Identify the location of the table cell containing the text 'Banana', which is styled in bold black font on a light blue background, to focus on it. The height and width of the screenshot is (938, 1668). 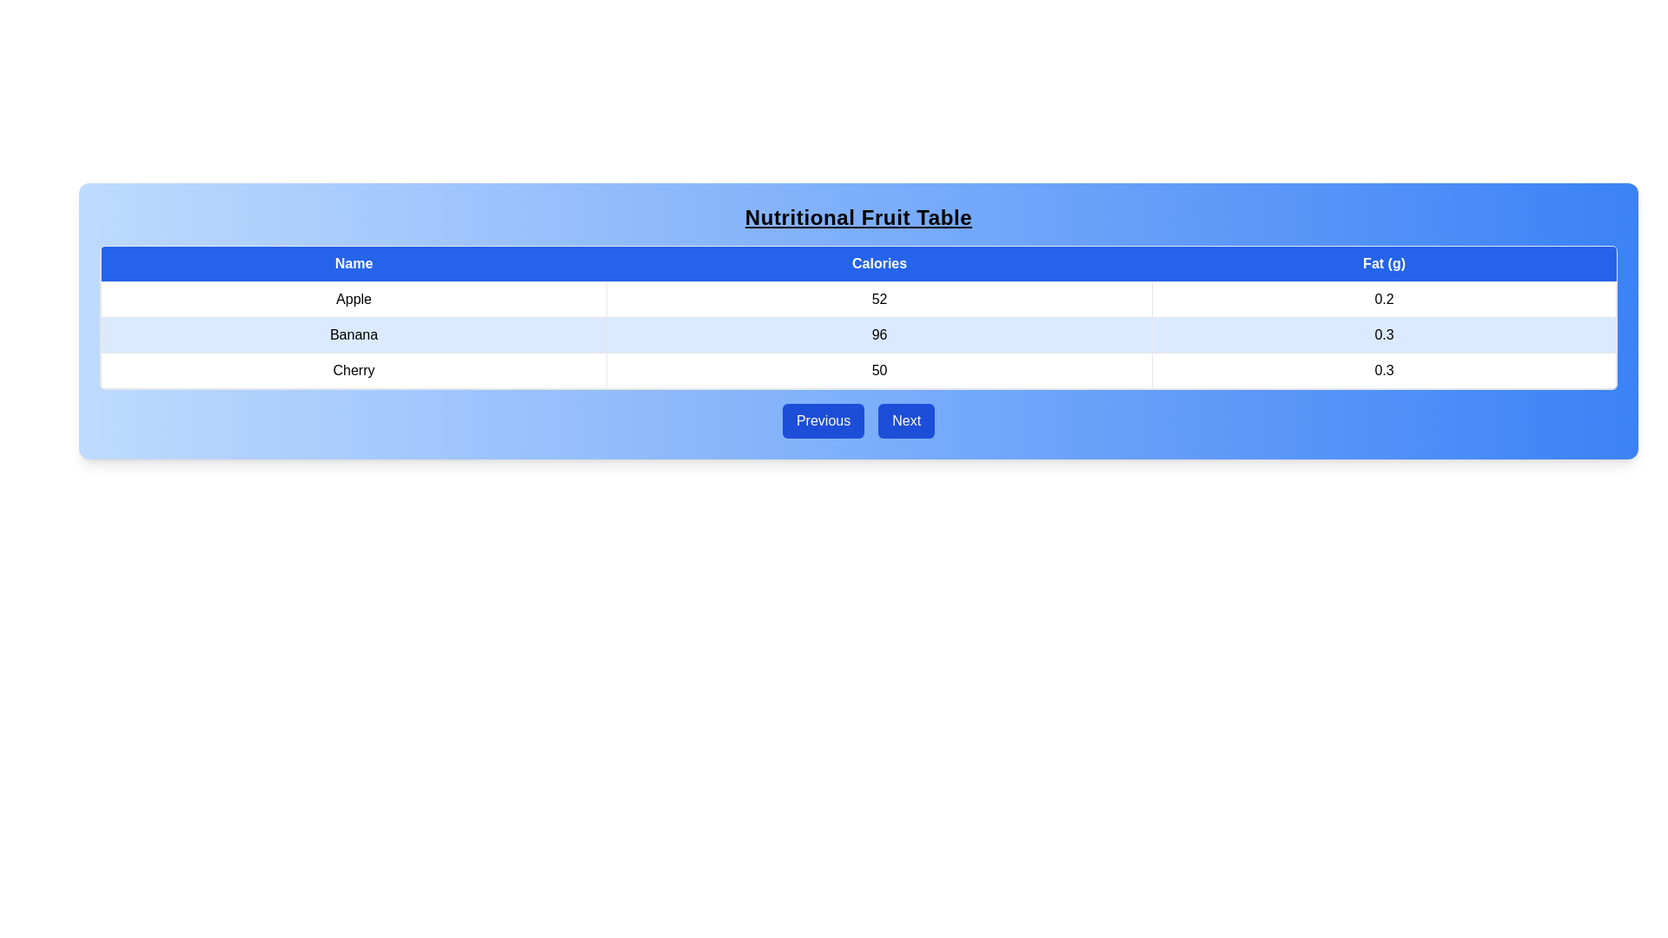
(353, 334).